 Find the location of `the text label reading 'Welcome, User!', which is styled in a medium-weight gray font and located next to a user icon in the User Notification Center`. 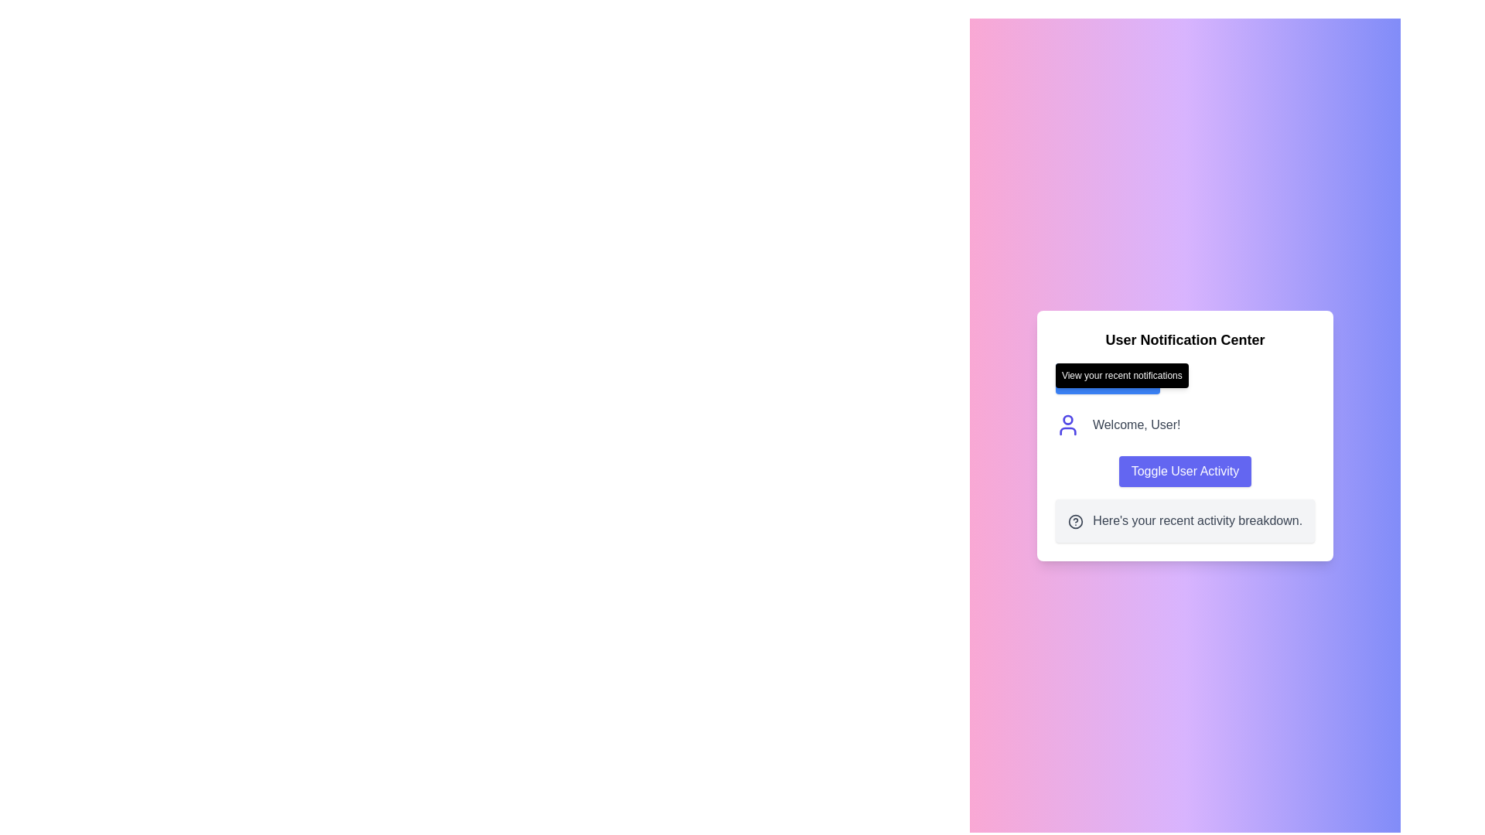

the text label reading 'Welcome, User!', which is styled in a medium-weight gray font and located next to a user icon in the User Notification Center is located at coordinates (1136, 425).